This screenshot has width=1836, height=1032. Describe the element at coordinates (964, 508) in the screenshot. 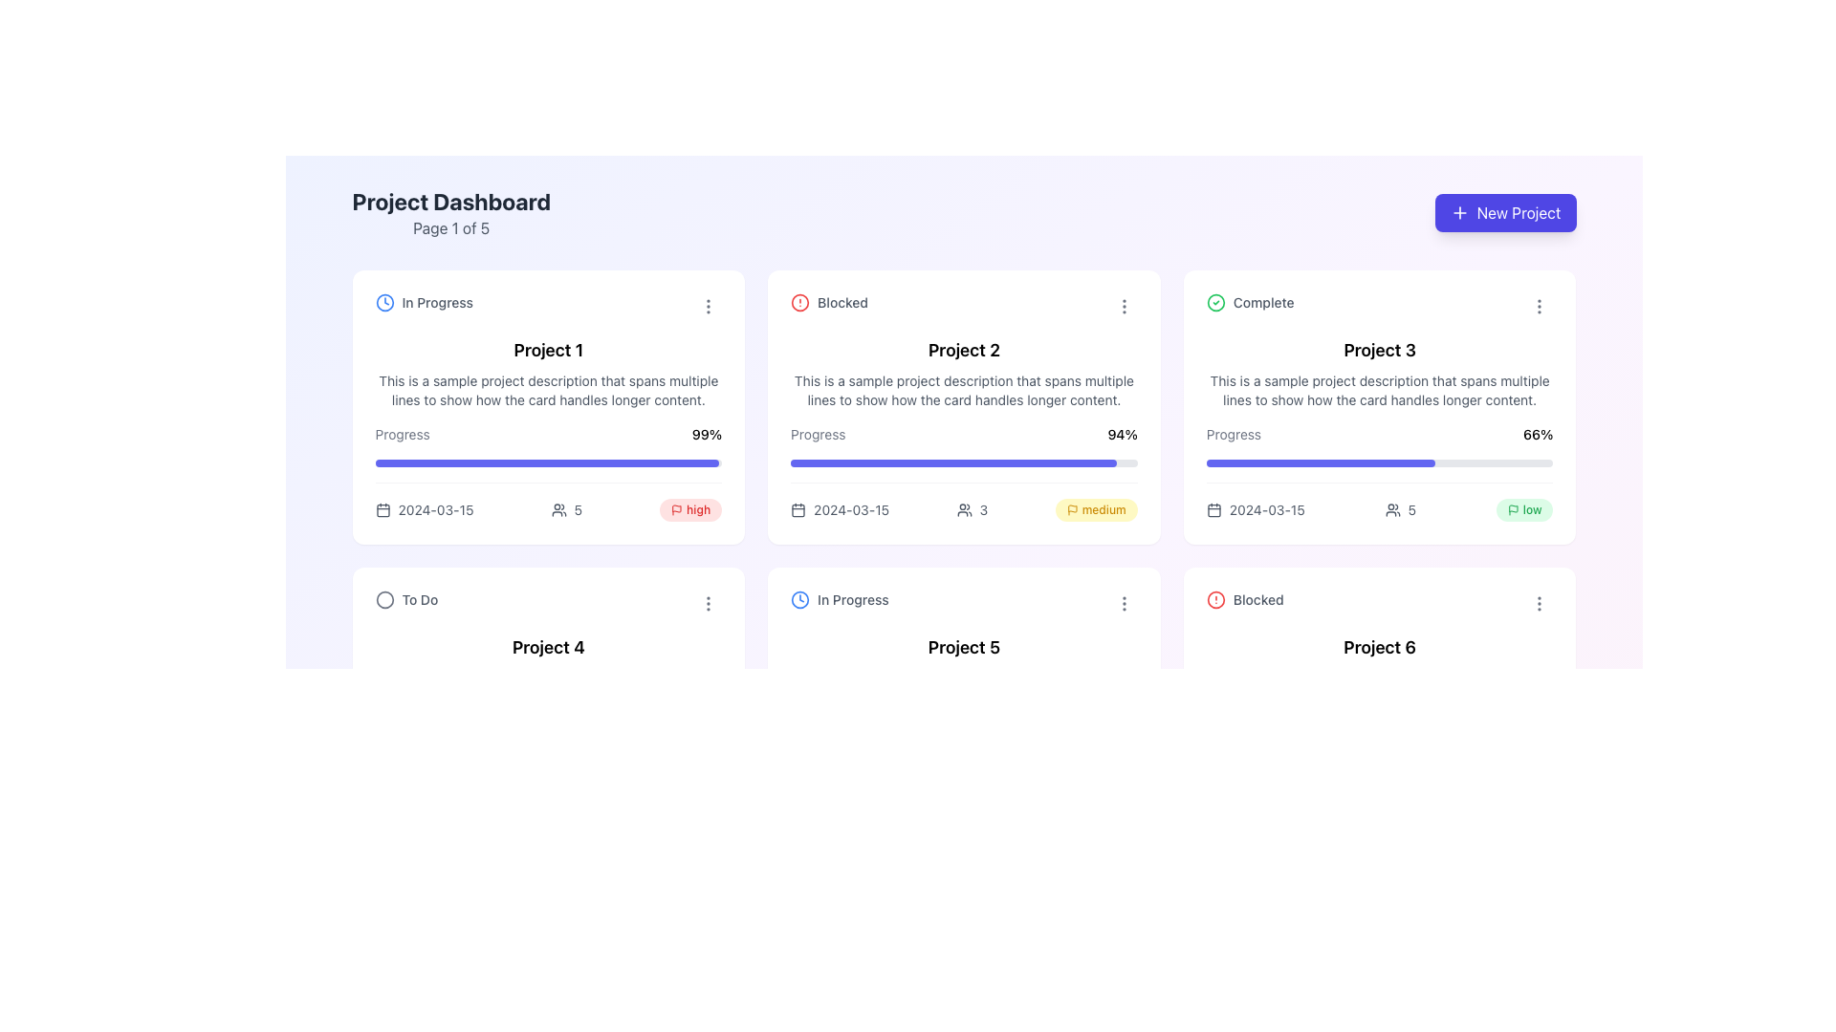

I see `the graphical icon indicating the number of users associated with 'Project 2', located to the left of the numeric value '3'` at that location.